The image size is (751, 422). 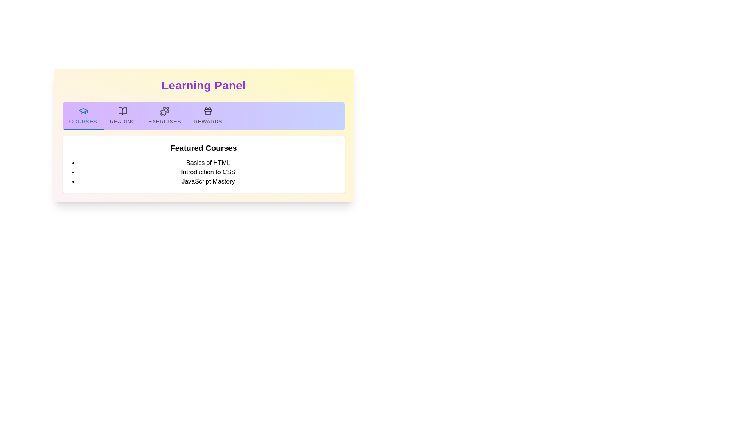 I want to click on the blue graduation cap SVG icon located in the 'Courses' tab, so click(x=83, y=111).